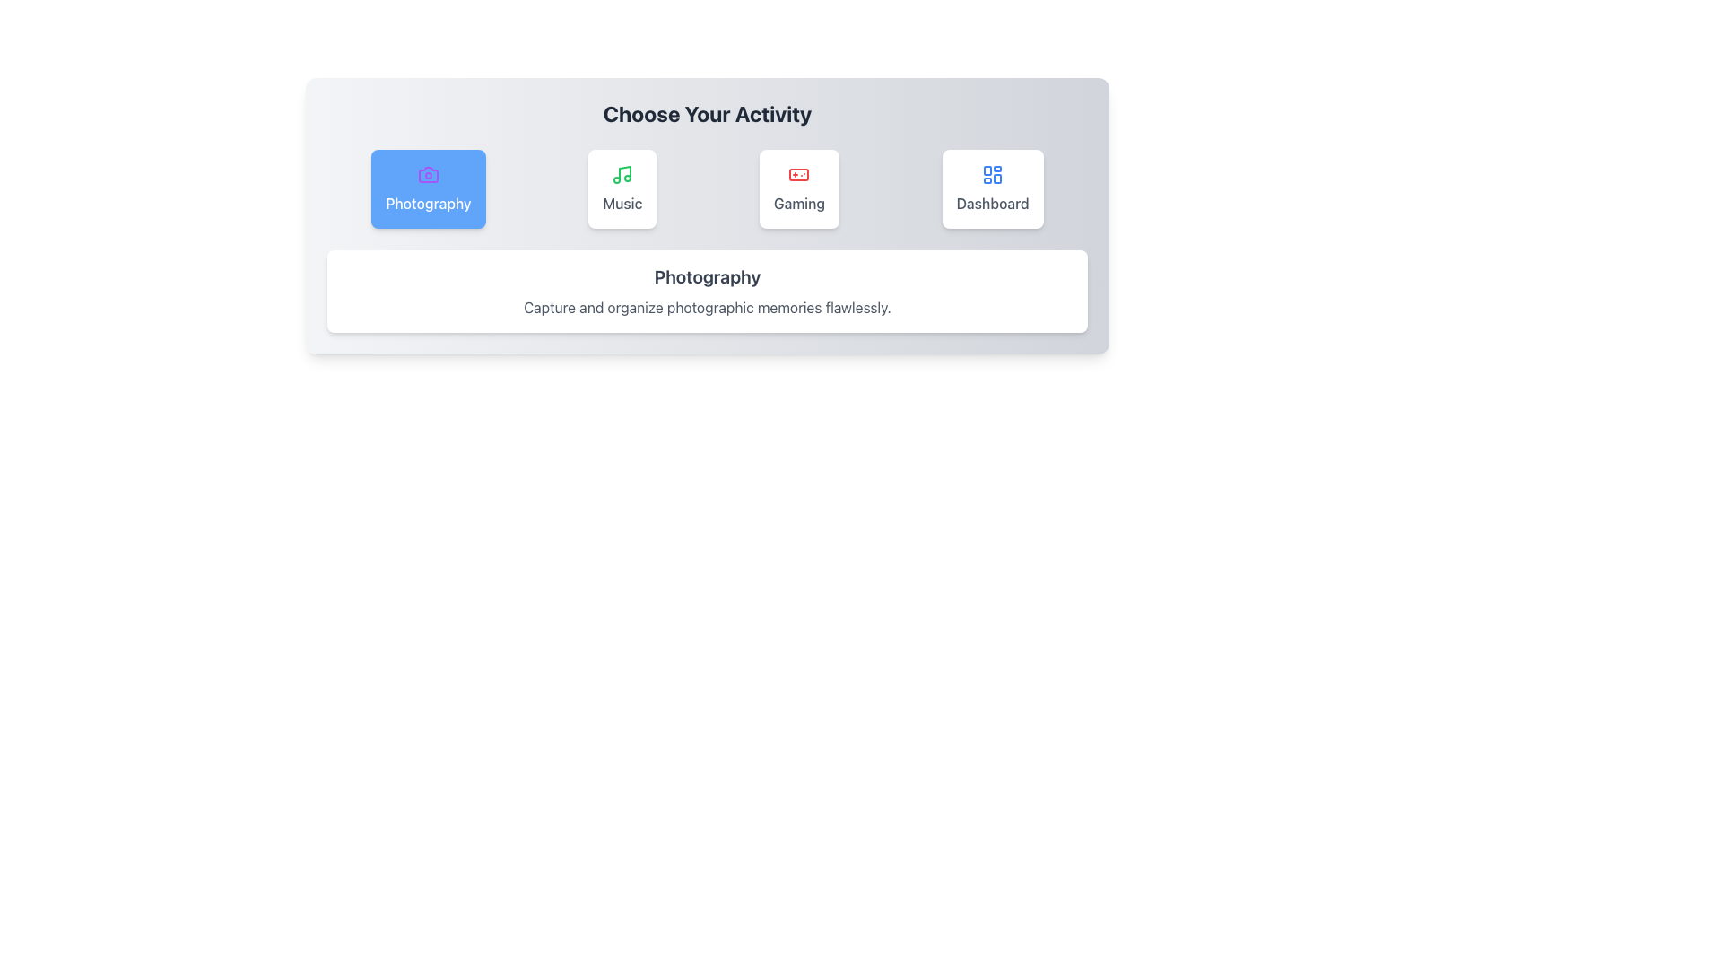  Describe the element at coordinates (428, 203) in the screenshot. I see `the Text Label element displaying 'Photography', which is styled with white text on a blue background and located below a camera icon` at that location.